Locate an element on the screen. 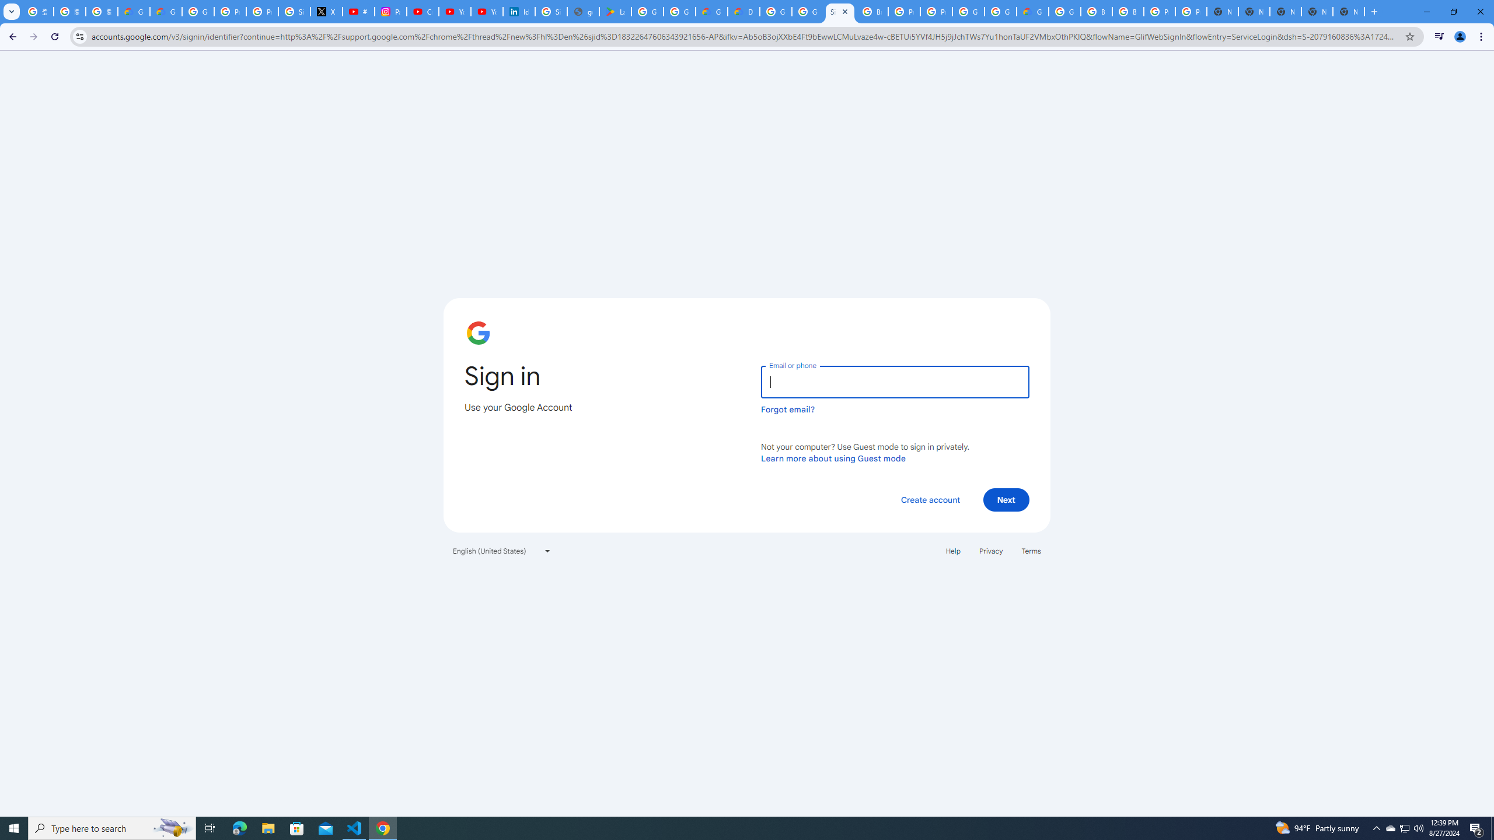 The height and width of the screenshot is (840, 1494). 'Browse Chrome as a guest - Computer - Google Chrome Help' is located at coordinates (1097, 11).